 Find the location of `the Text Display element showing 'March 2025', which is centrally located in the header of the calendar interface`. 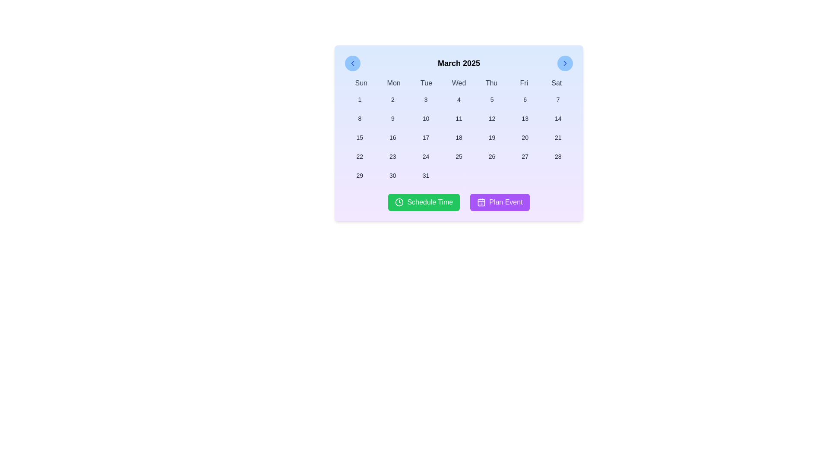

the Text Display element showing 'March 2025', which is centrally located in the header of the calendar interface is located at coordinates (458, 63).